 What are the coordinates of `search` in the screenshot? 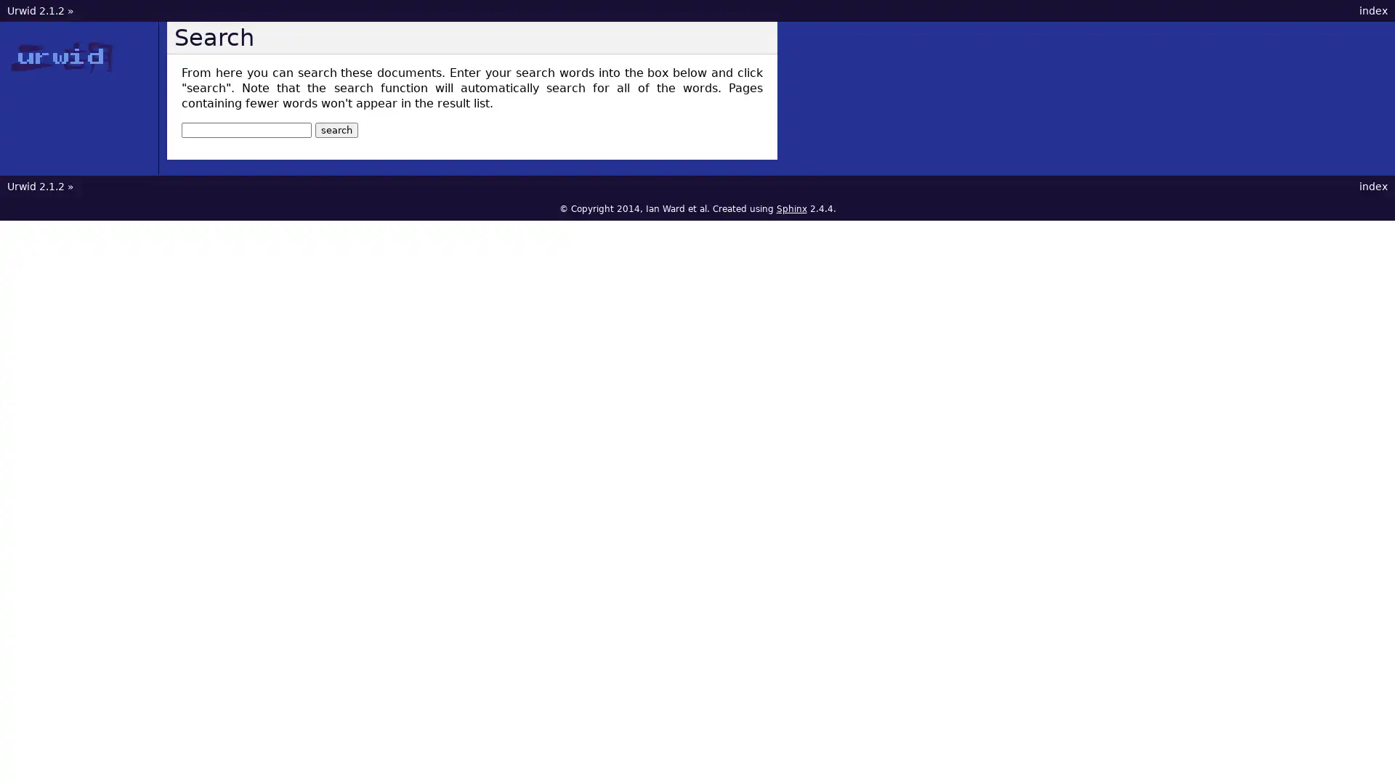 It's located at (336, 129).